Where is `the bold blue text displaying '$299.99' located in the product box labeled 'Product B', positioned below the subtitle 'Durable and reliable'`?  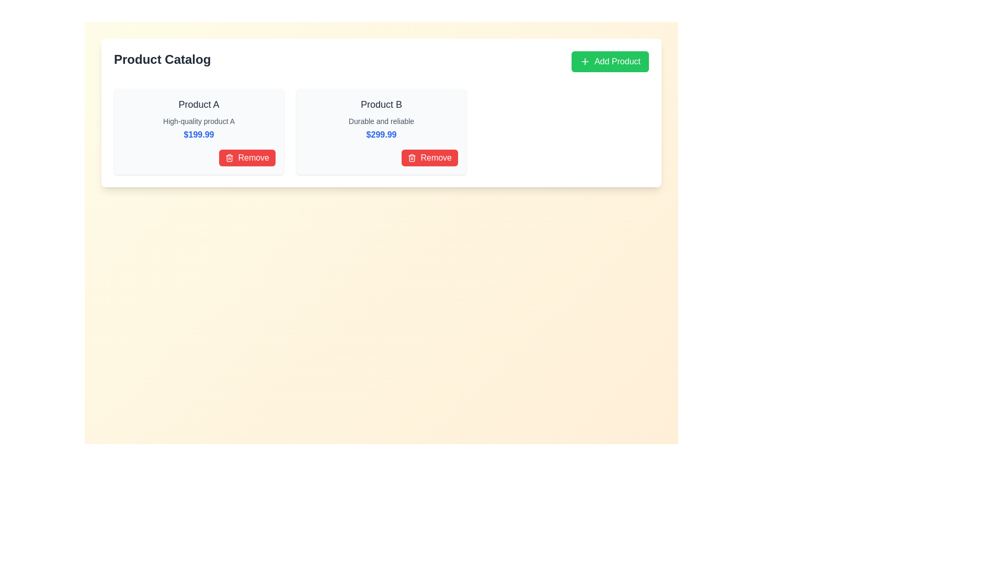
the bold blue text displaying '$299.99' located in the product box labeled 'Product B', positioned below the subtitle 'Durable and reliable' is located at coordinates (381, 134).